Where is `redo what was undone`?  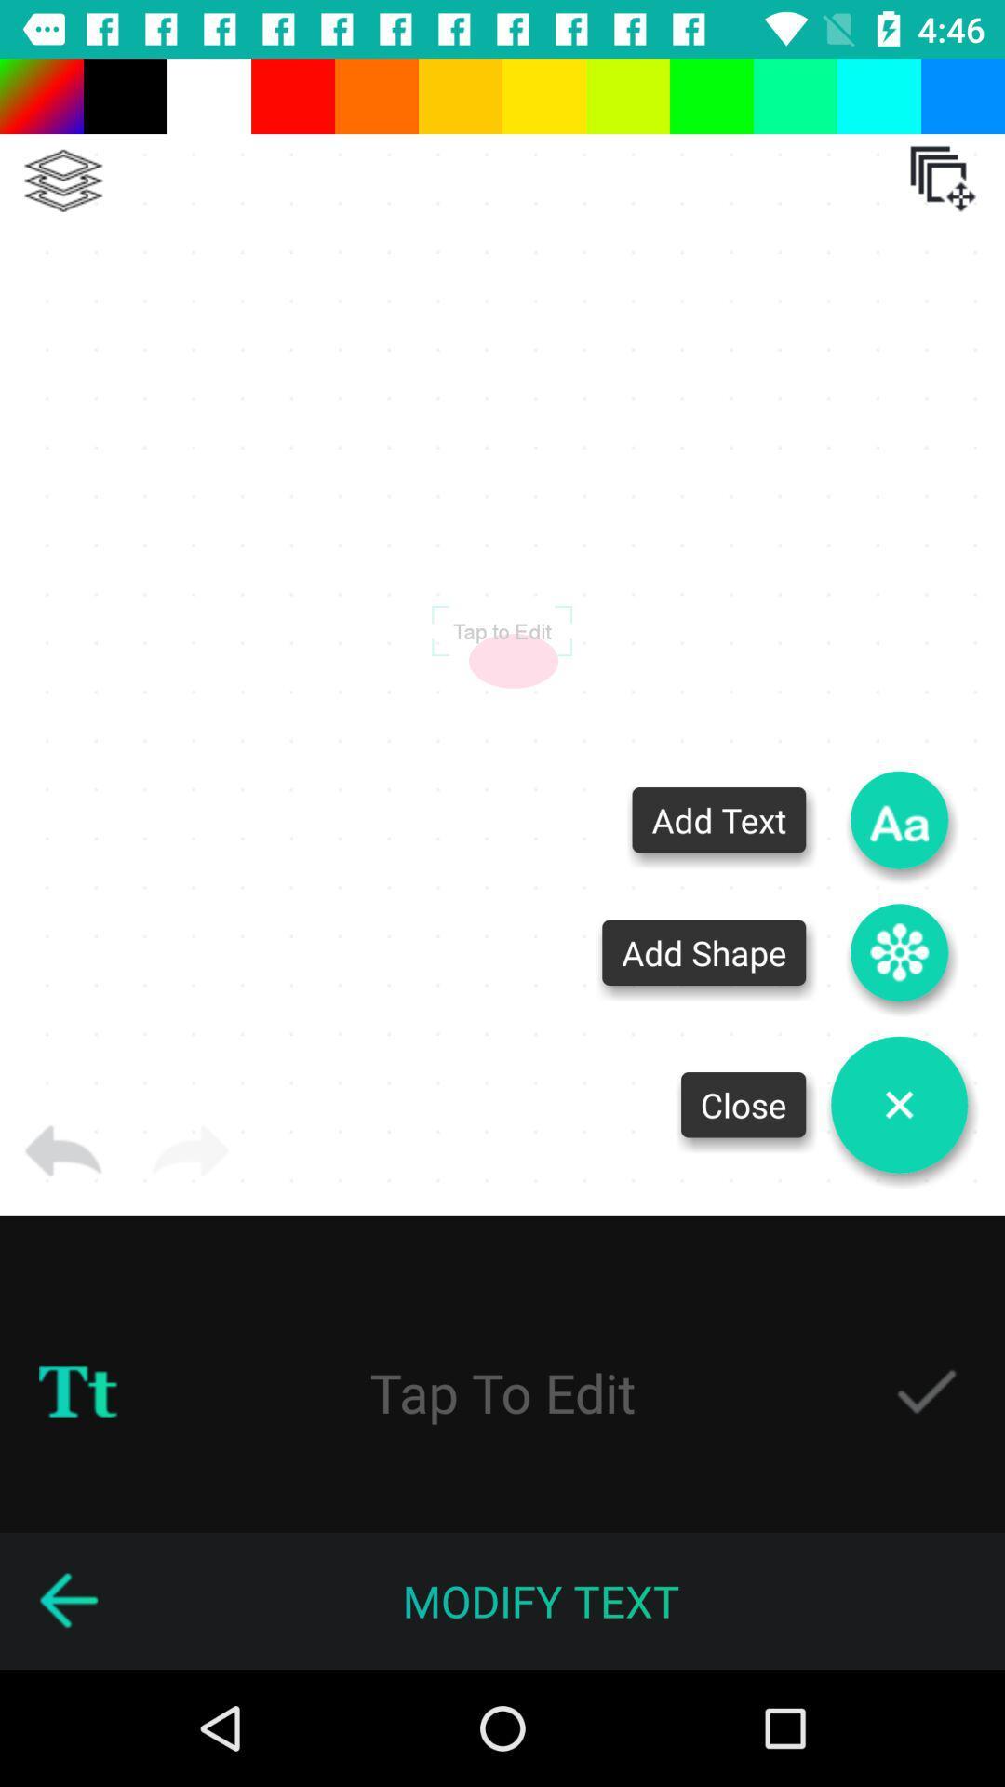
redo what was undone is located at coordinates (190, 1150).